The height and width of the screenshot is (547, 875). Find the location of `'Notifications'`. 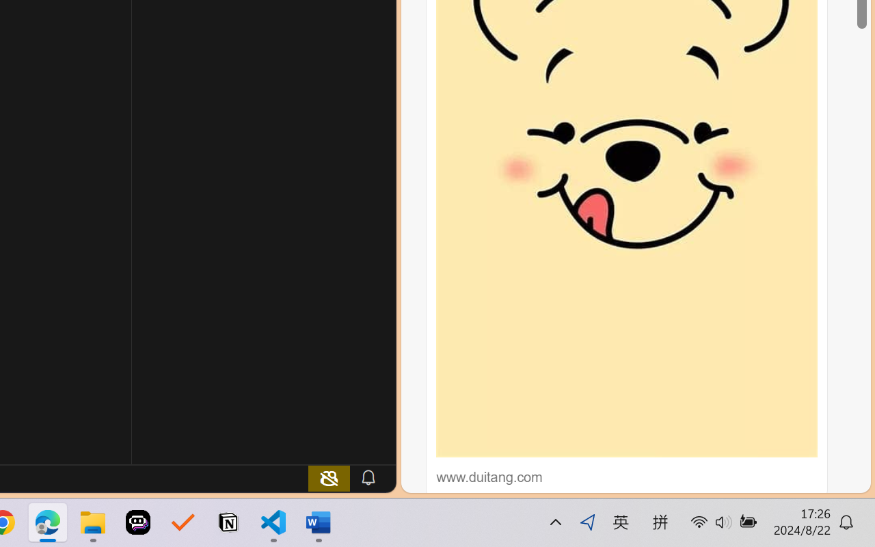

'Notifications' is located at coordinates (368, 477).